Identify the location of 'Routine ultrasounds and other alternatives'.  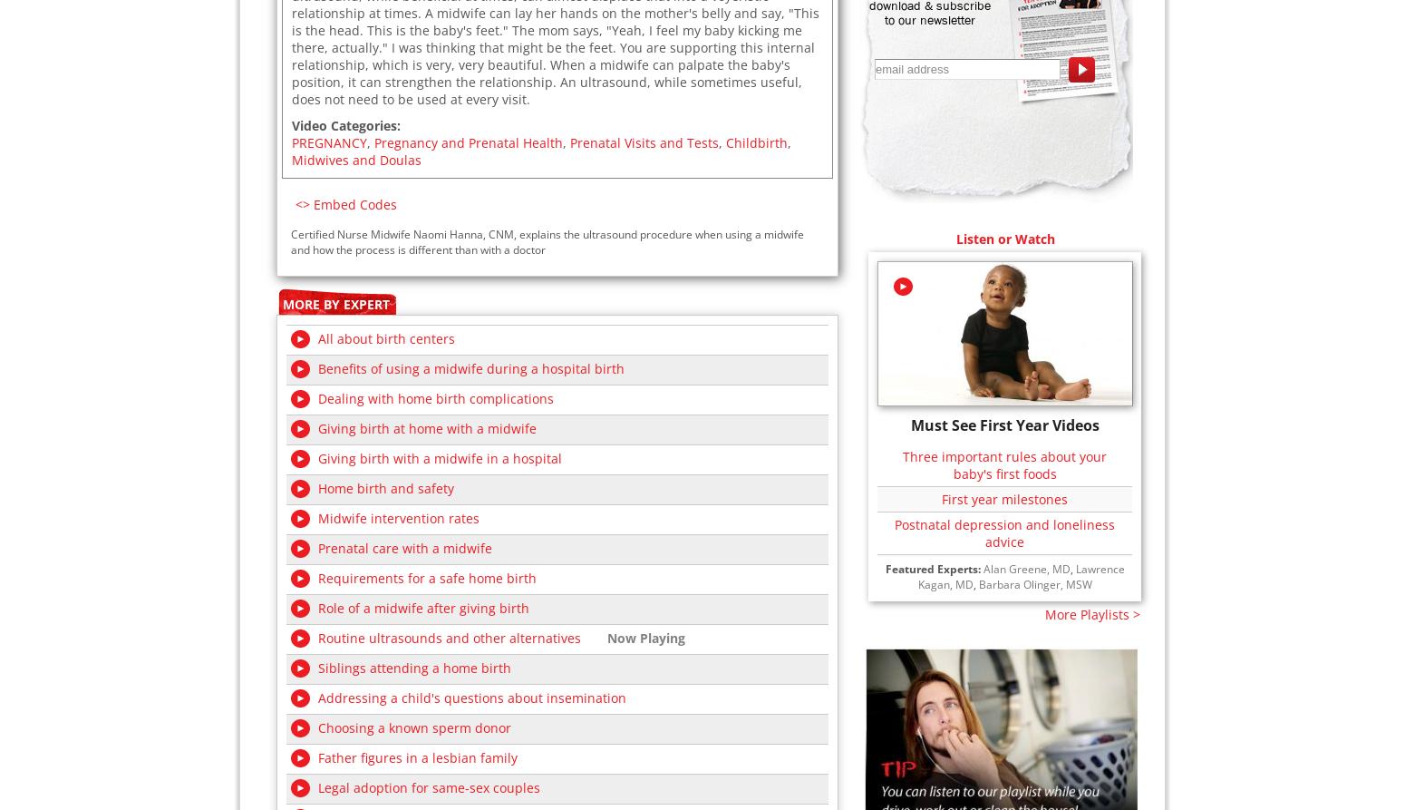
(449, 637).